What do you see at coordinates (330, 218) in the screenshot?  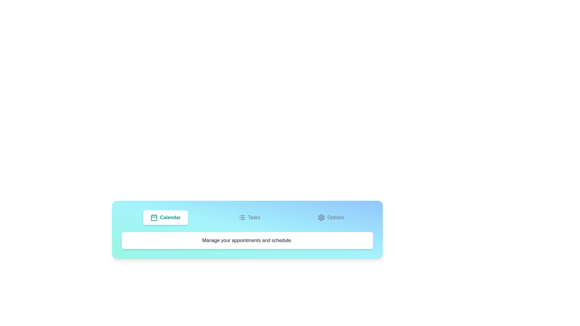 I see `the tab button labeled Options to switch to the corresponding tab` at bounding box center [330, 218].